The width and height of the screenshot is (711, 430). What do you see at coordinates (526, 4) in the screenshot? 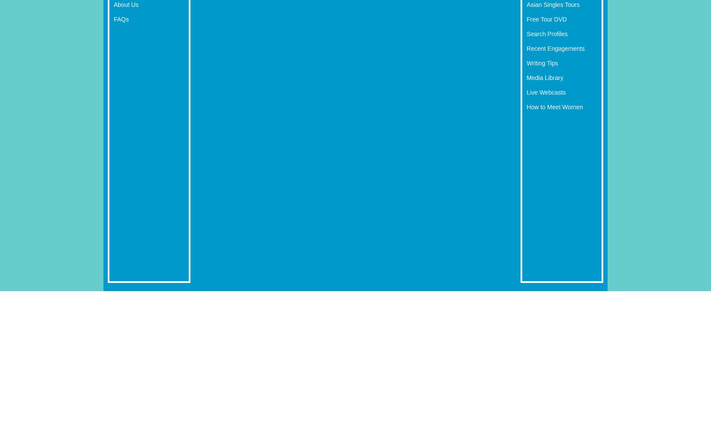
I see `'Asian Singles Tours'` at bounding box center [526, 4].